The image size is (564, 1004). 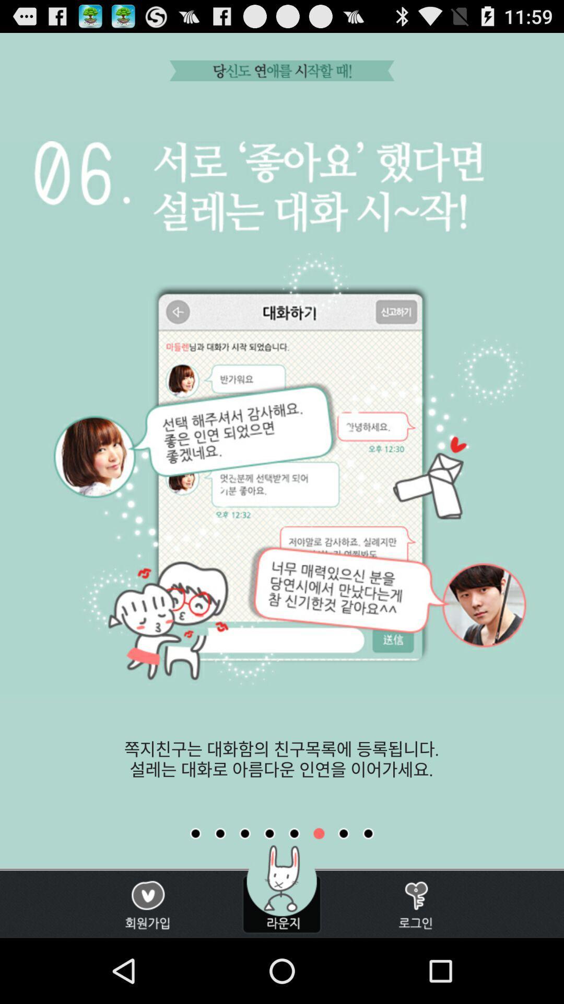 I want to click on first slide, so click(x=195, y=833).